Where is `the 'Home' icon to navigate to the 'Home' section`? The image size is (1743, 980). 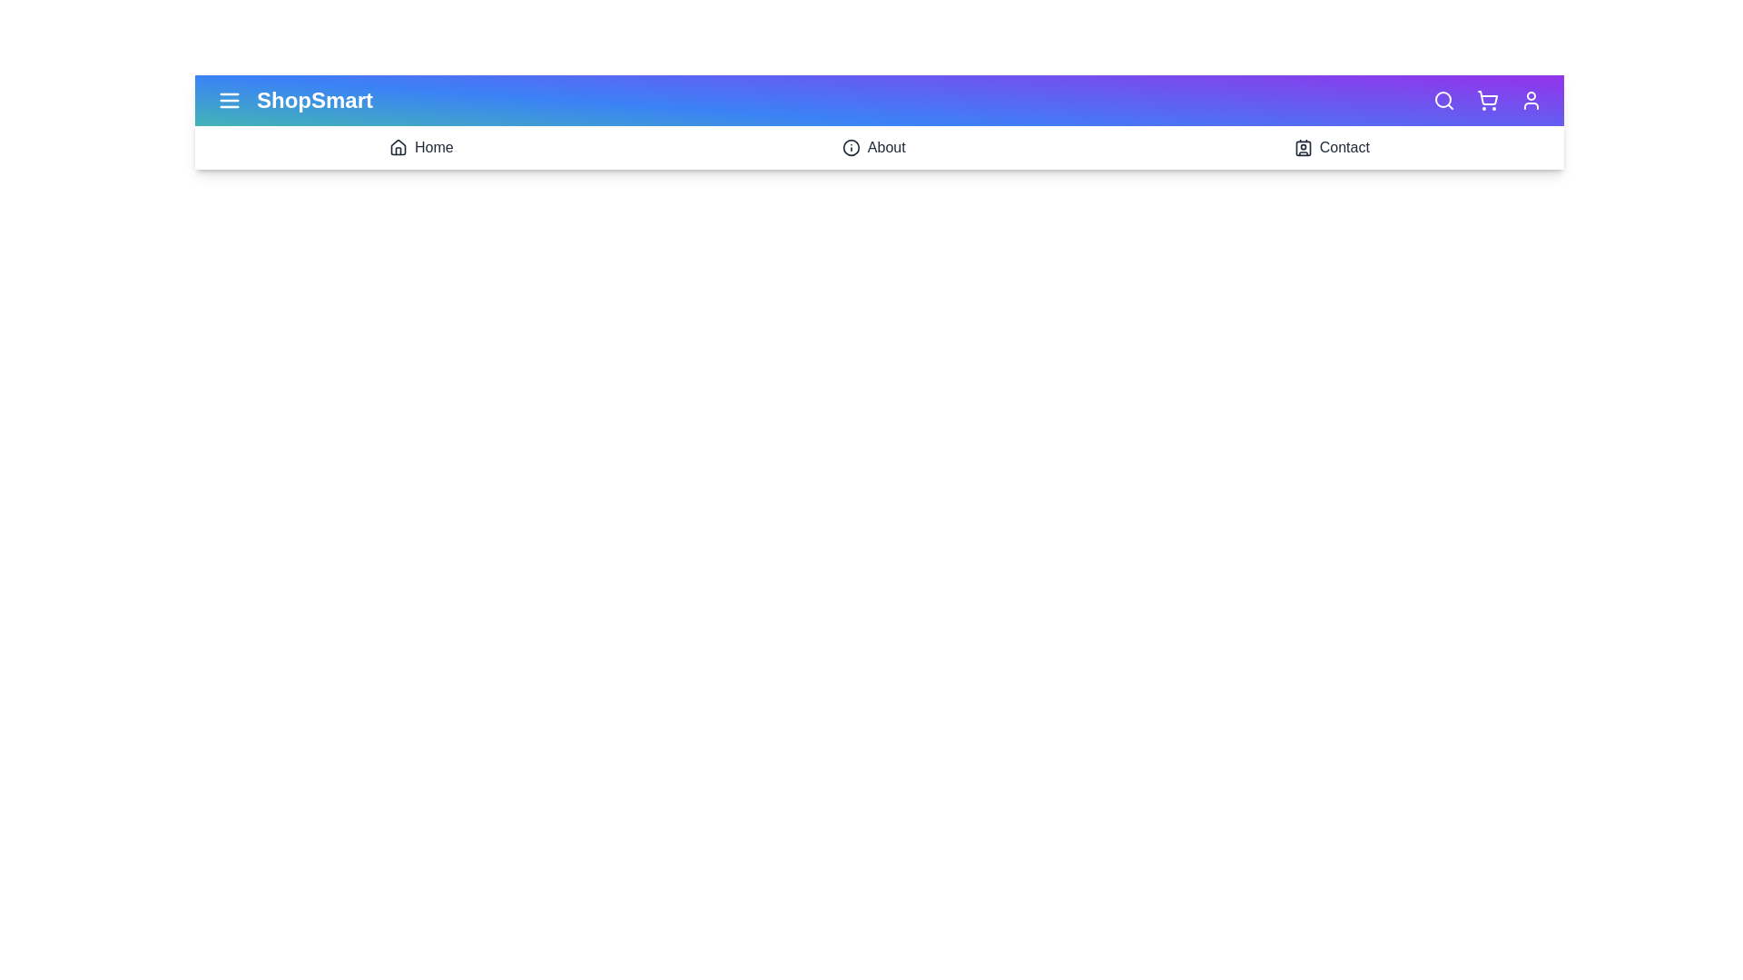
the 'Home' icon to navigate to the 'Home' section is located at coordinates (397, 146).